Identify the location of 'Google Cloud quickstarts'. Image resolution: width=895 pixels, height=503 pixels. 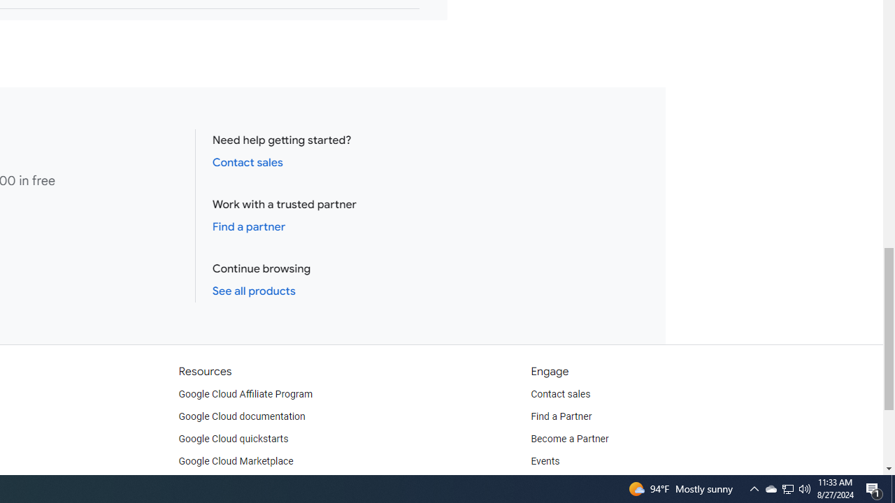
(234, 438).